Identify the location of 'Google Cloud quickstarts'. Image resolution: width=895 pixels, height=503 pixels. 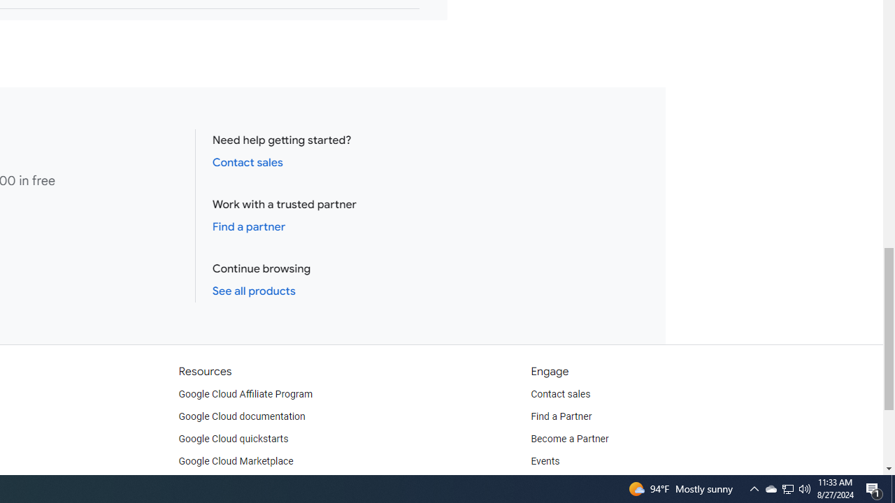
(234, 438).